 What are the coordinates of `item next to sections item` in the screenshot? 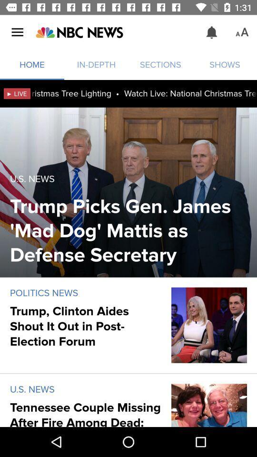 It's located at (212, 32).